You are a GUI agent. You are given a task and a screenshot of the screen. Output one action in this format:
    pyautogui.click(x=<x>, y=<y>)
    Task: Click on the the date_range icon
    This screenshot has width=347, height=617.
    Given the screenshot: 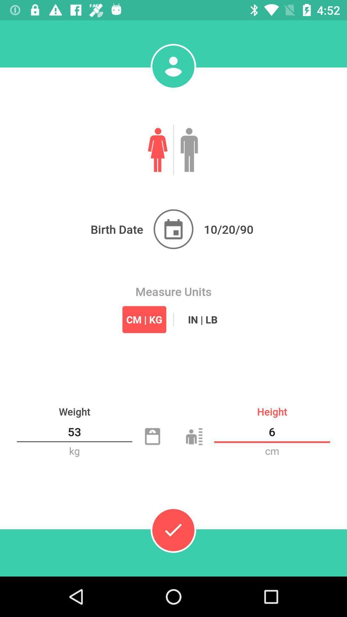 What is the action you would take?
    pyautogui.click(x=173, y=229)
    